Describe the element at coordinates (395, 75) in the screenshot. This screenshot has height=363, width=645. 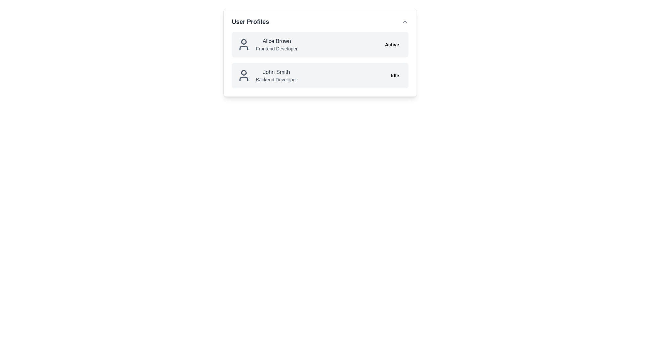
I see `status text displayed on the Badge or Status Indicator for user 'John Smith', which currently shows 'Idle'` at that location.